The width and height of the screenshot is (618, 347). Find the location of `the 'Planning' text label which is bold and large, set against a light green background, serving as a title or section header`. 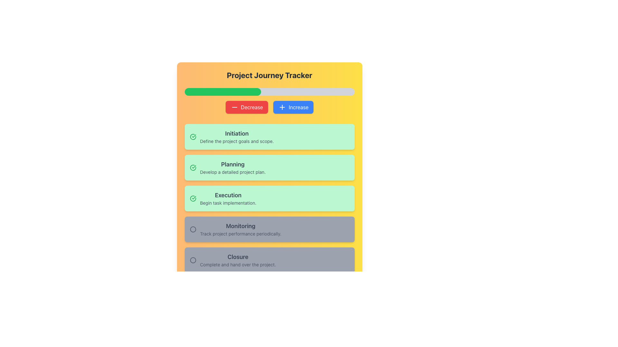

the 'Planning' text label which is bold and large, set against a light green background, serving as a title or section header is located at coordinates (232, 164).